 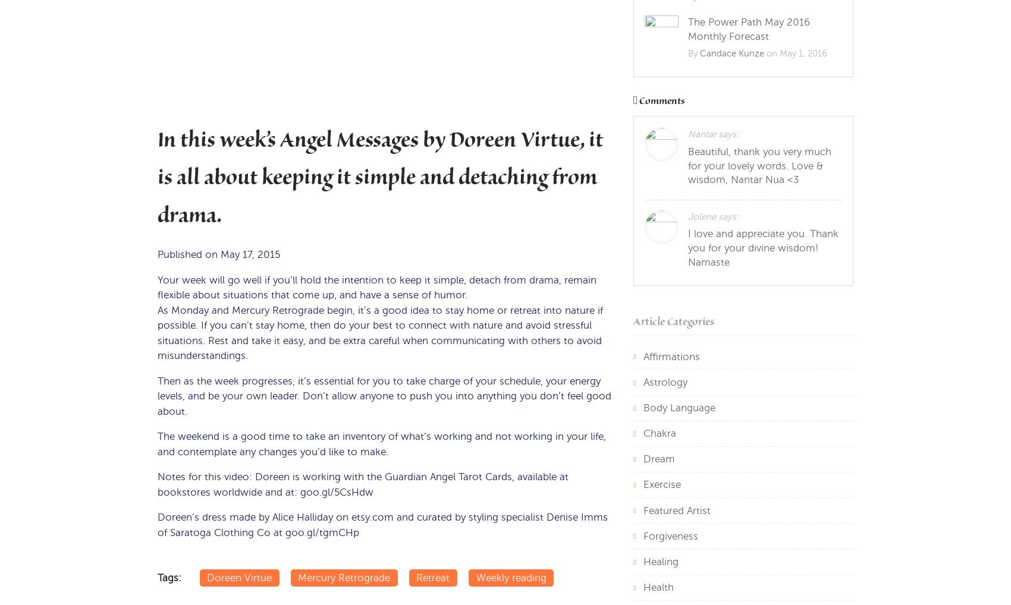 What do you see at coordinates (432, 577) in the screenshot?
I see `'Retreat'` at bounding box center [432, 577].